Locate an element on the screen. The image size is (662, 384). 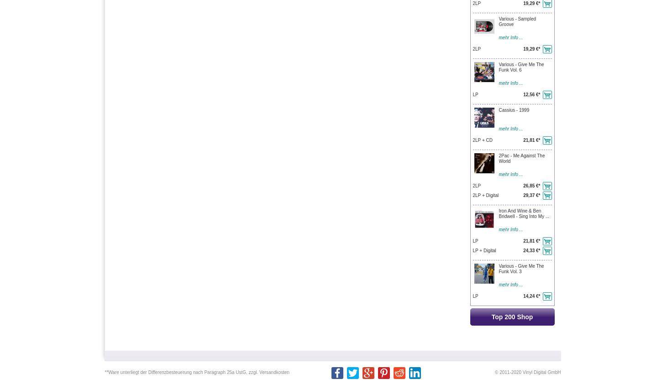
'Cassius - 1999' is located at coordinates (513, 110).